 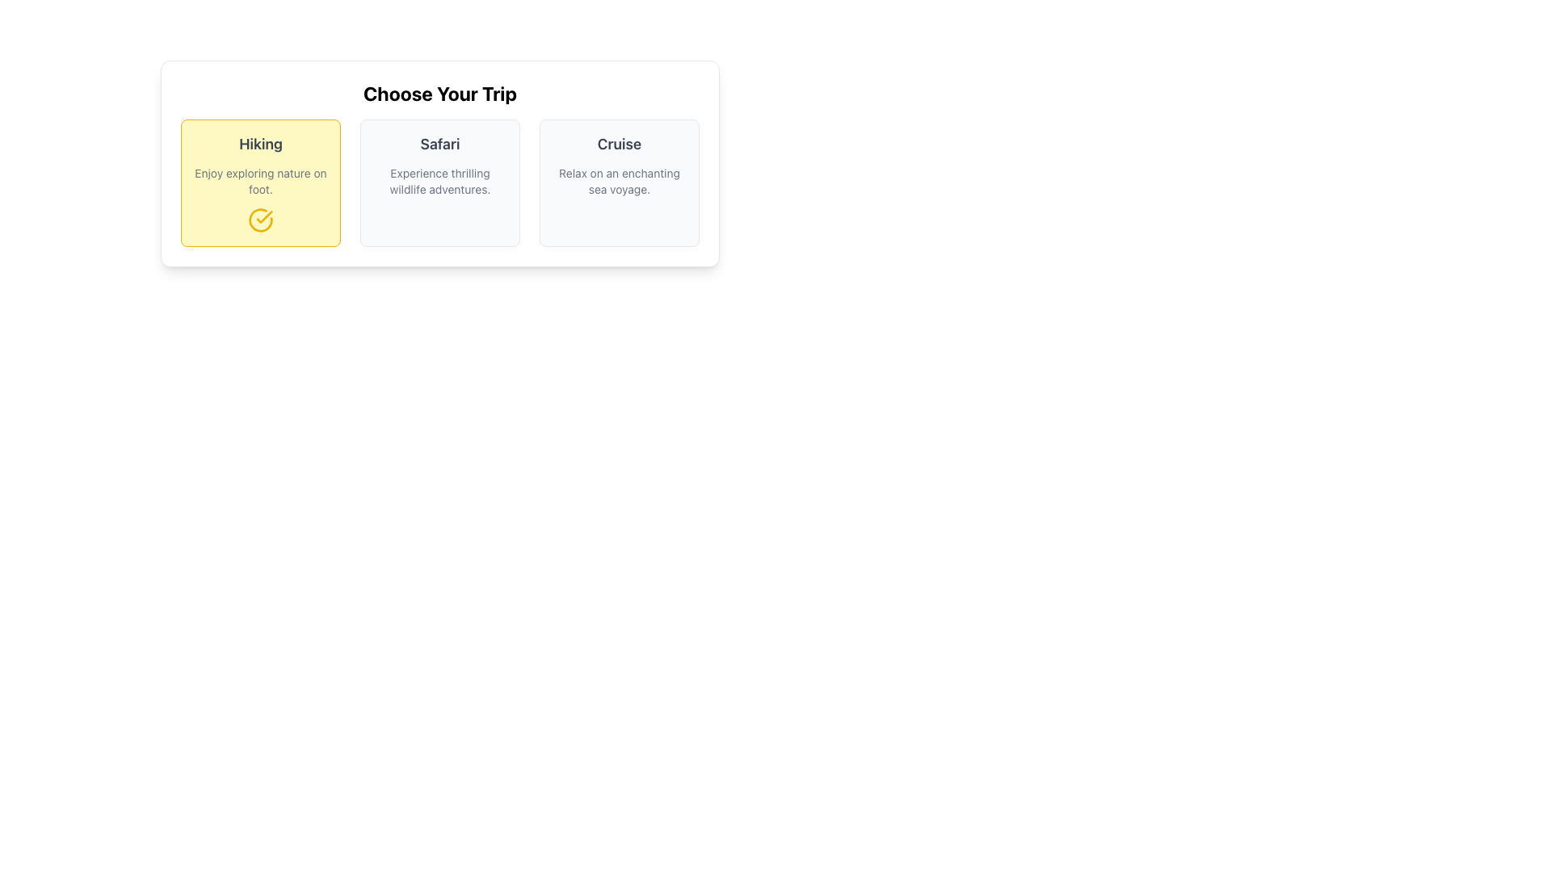 I want to click on the section title located at the top of the card-like layout, which provides context to the options listed below it, so click(x=440, y=93).